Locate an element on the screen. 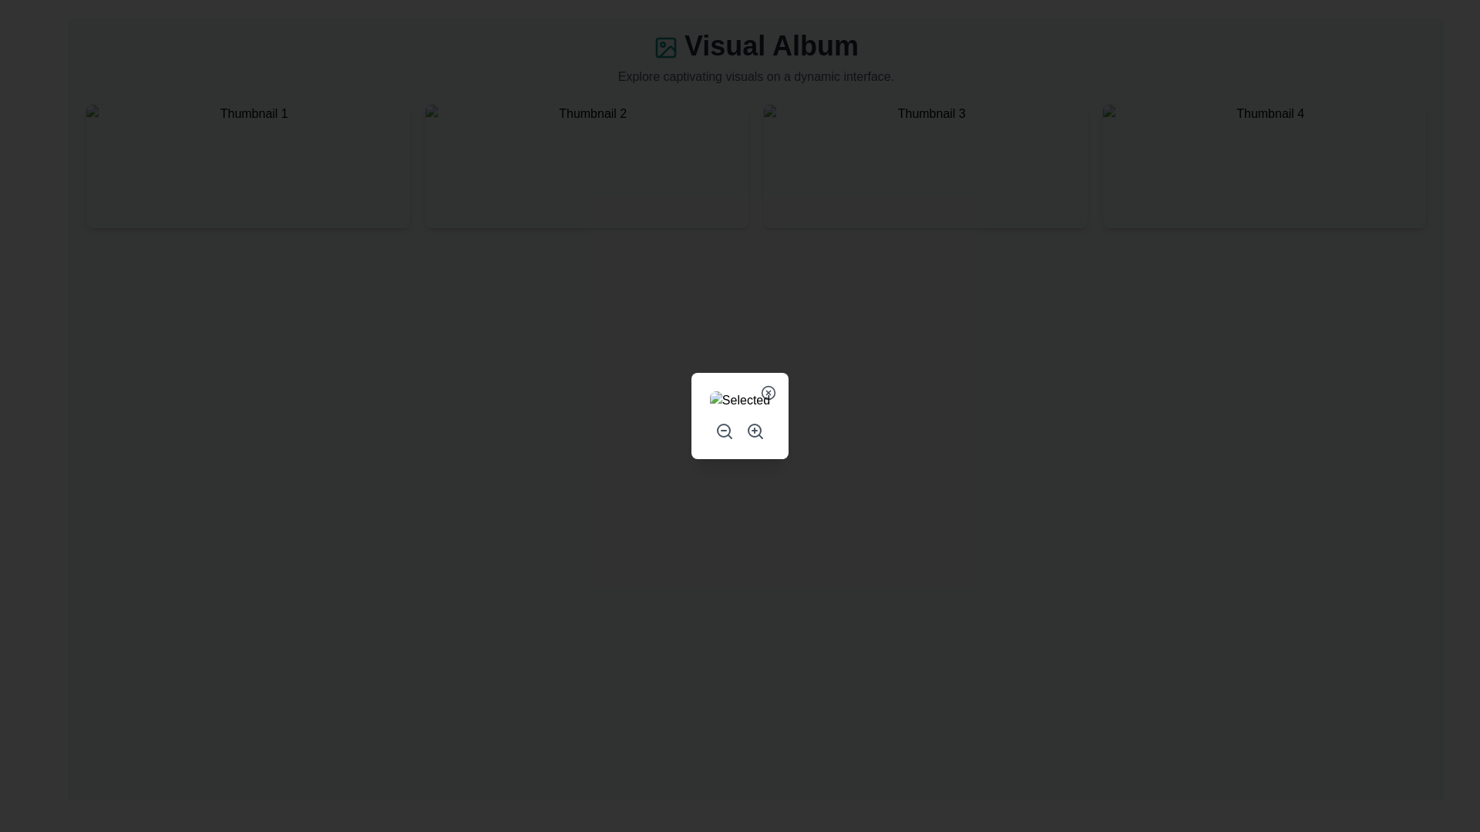  the first card button in the grid layout to trigger visual feedback is located at coordinates (247, 166).